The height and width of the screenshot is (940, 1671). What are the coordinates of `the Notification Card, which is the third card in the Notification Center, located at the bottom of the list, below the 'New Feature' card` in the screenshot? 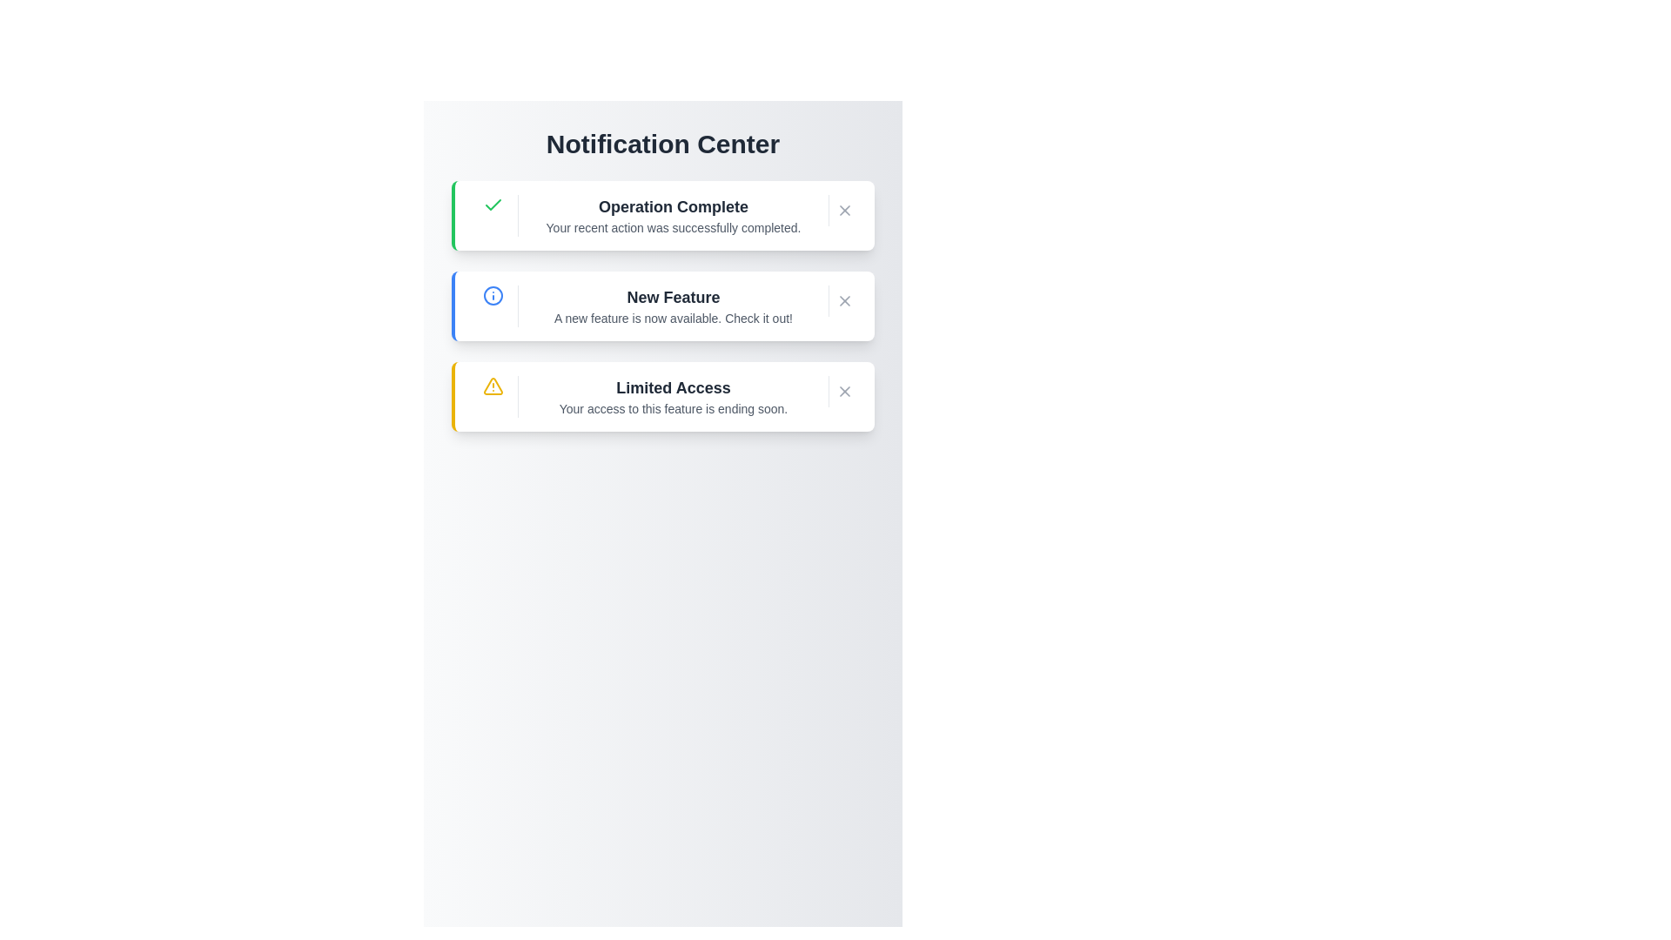 It's located at (662, 396).